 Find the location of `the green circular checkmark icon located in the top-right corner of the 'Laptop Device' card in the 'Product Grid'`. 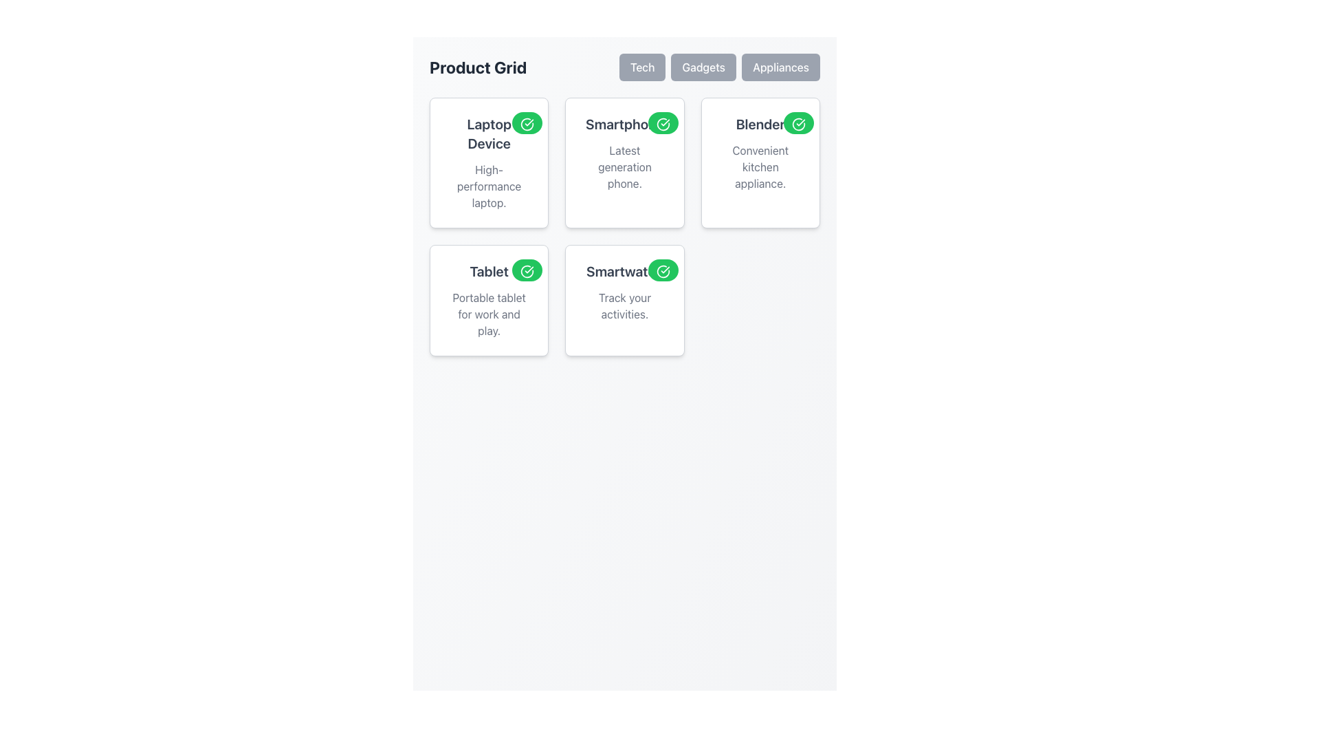

the green circular checkmark icon located in the top-right corner of the 'Laptop Device' card in the 'Product Grid' is located at coordinates (527, 124).